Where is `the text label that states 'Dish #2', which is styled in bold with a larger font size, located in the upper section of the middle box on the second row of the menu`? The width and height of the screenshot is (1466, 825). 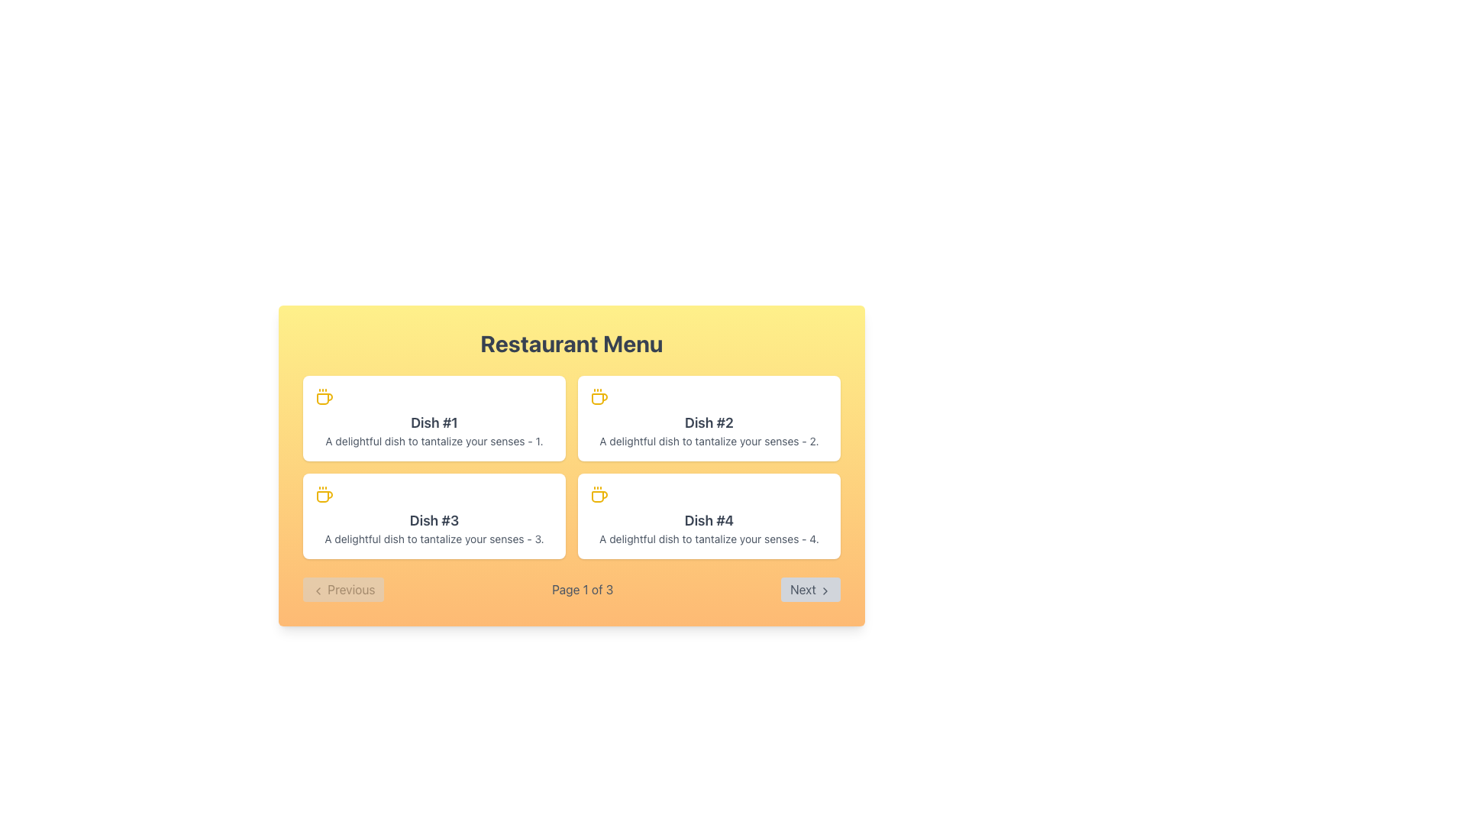
the text label that states 'Dish #2', which is styled in bold with a larger font size, located in the upper section of the middle box on the second row of the menu is located at coordinates (709, 423).